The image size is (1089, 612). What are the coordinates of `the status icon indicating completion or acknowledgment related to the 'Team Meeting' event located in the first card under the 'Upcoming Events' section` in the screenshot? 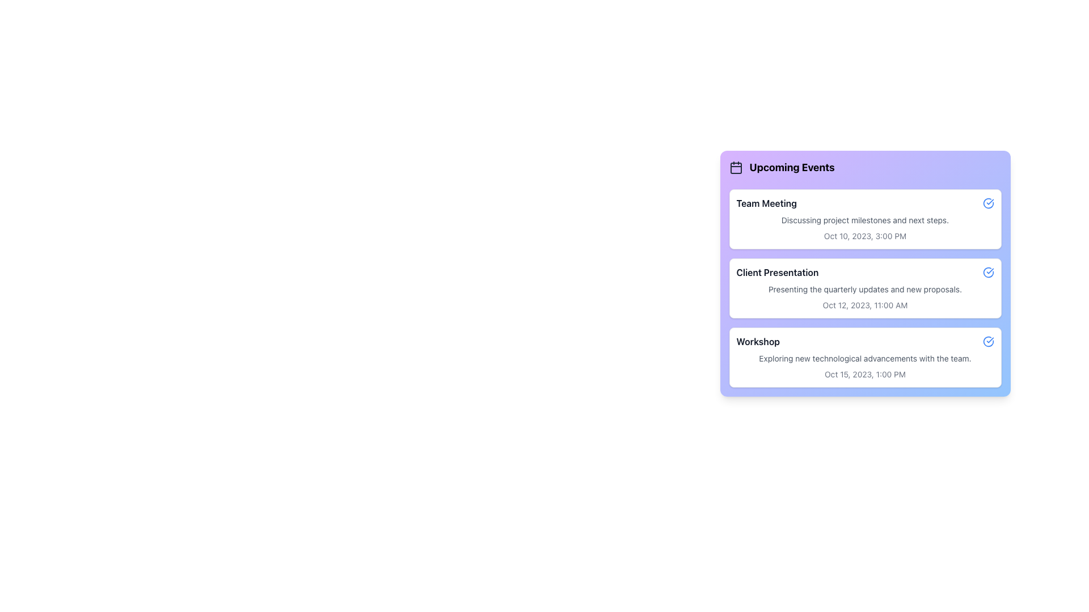 It's located at (987, 202).